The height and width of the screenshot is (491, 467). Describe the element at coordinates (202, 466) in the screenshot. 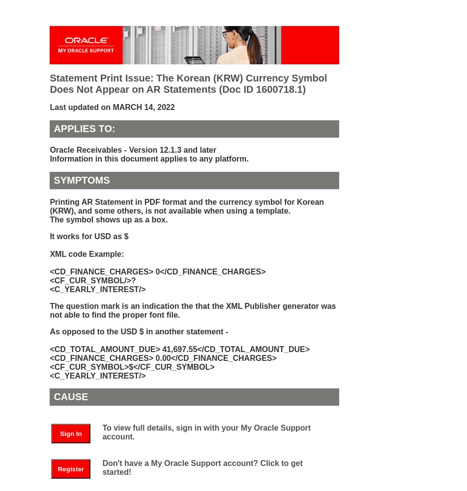

I see `'Don't have a My Oracle Support account?  Click to get started!'` at that location.